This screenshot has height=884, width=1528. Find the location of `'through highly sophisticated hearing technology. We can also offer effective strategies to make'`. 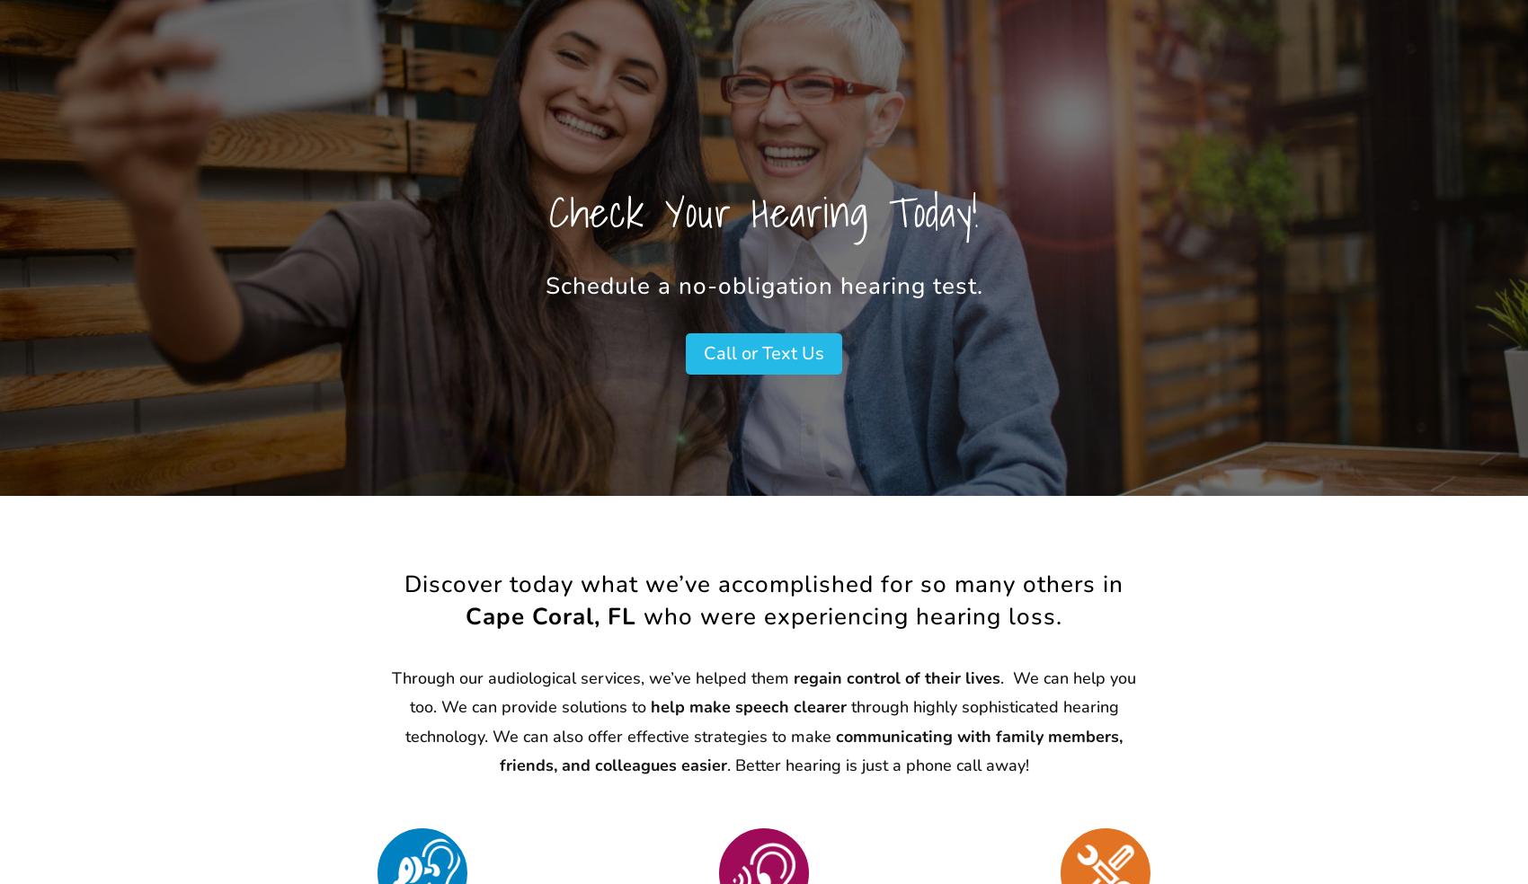

'through highly sophisticated hearing technology. We can also offer effective strategies to make' is located at coordinates (760, 720).